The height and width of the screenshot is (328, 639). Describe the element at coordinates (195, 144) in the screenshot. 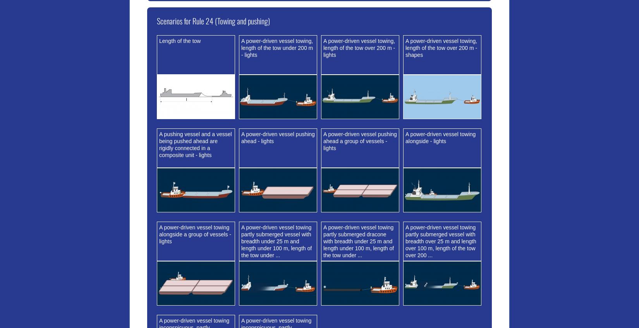

I see `'A pushing vessel and a vessel being pushed ahead are rigidly connected in a composite unit - lights'` at that location.